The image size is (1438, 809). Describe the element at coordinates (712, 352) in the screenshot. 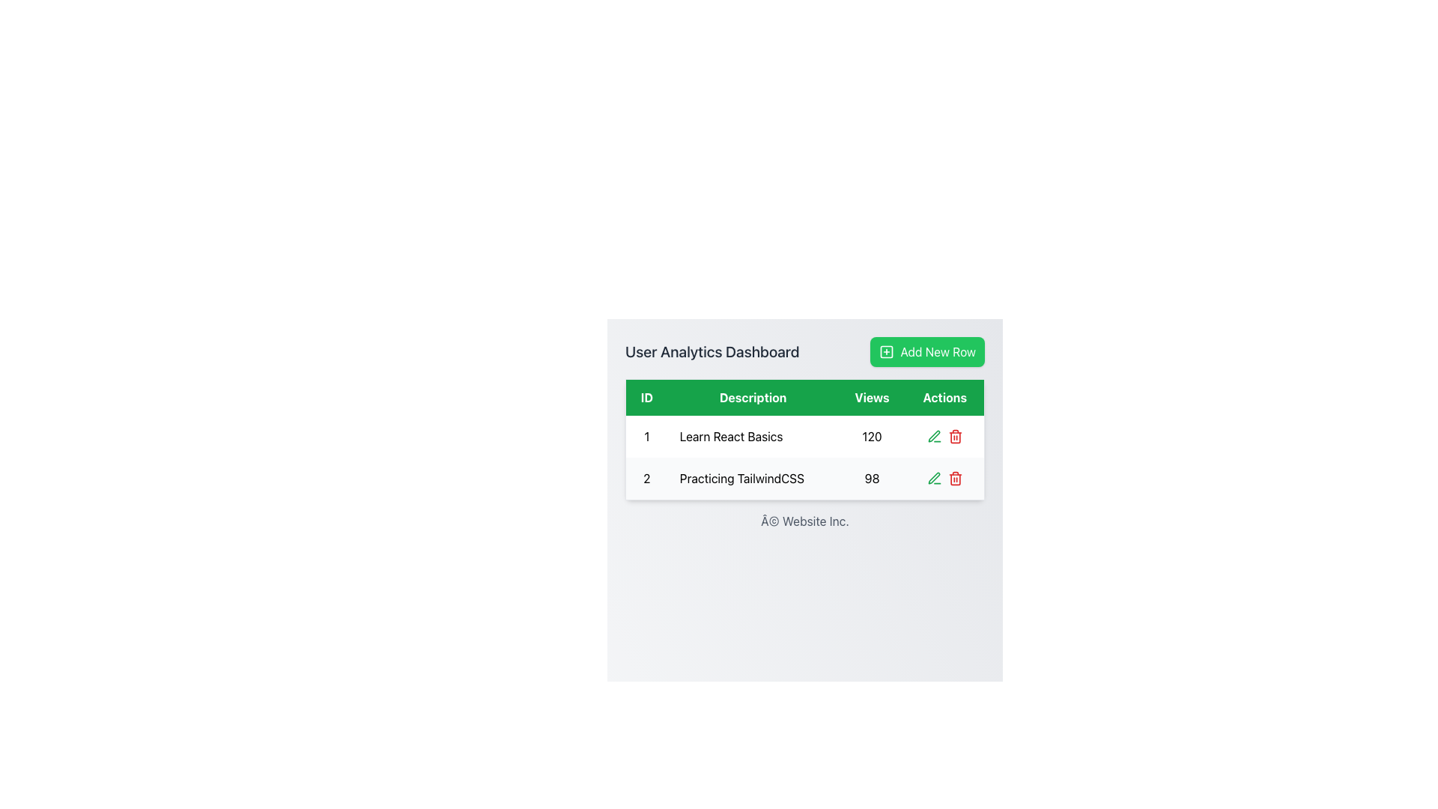

I see `the static text label displaying 'User Analytics Dashboard', which is styled with a large font size and dark gray color, located at the center-left of the interface above a table layout` at that location.